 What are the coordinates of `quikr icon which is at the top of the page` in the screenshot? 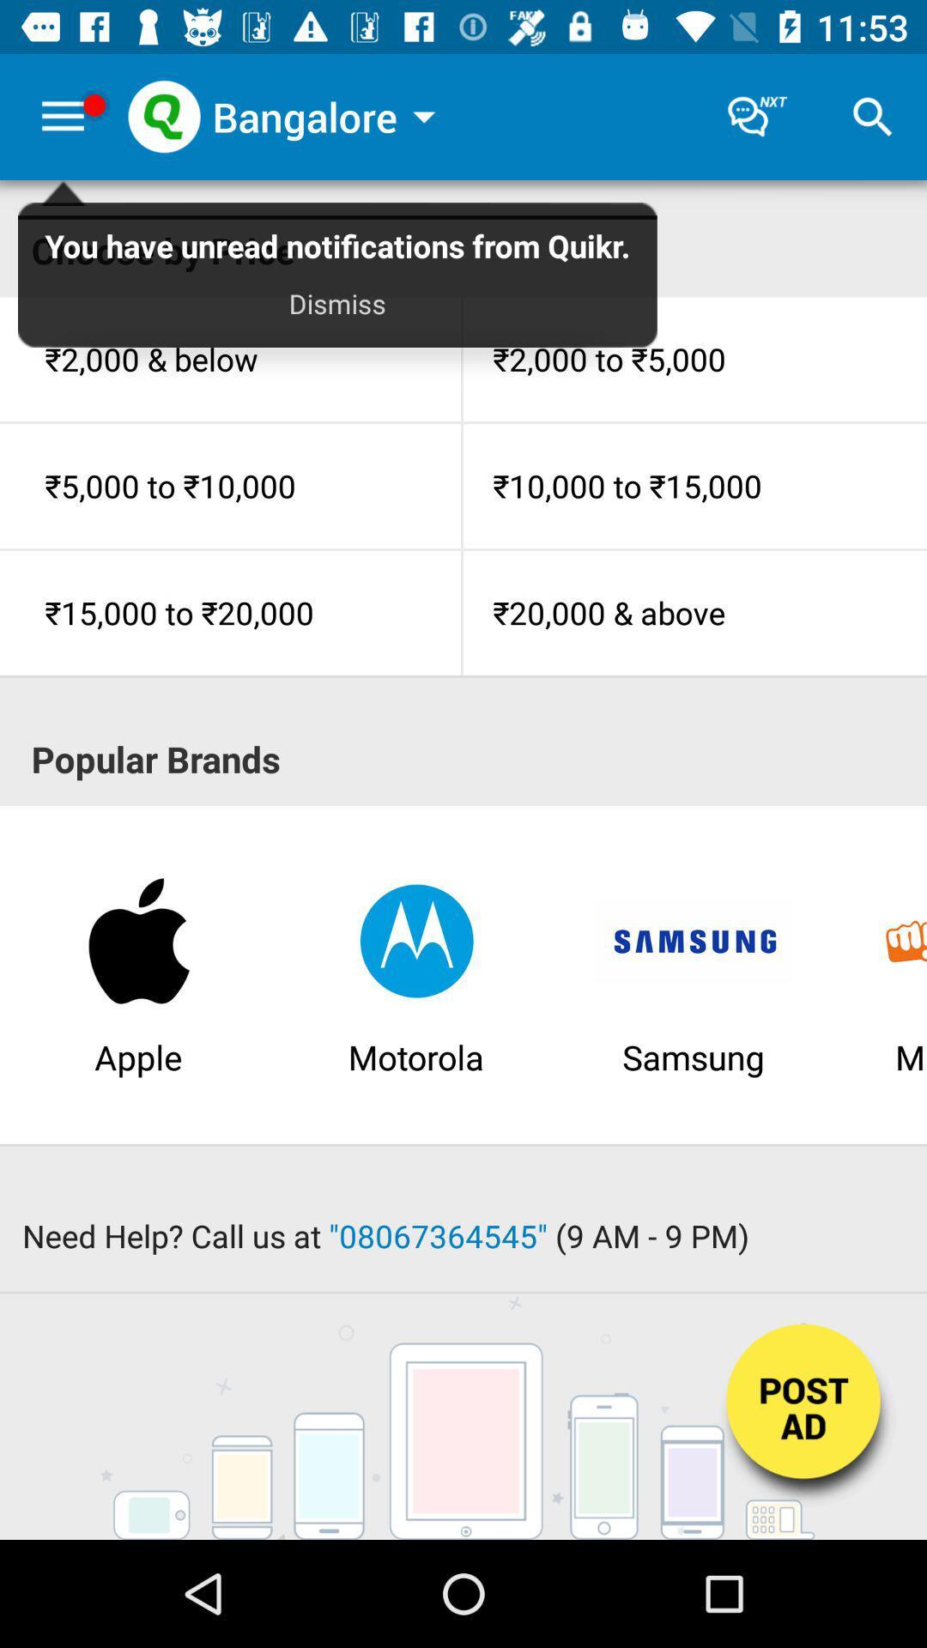 It's located at (164, 116).